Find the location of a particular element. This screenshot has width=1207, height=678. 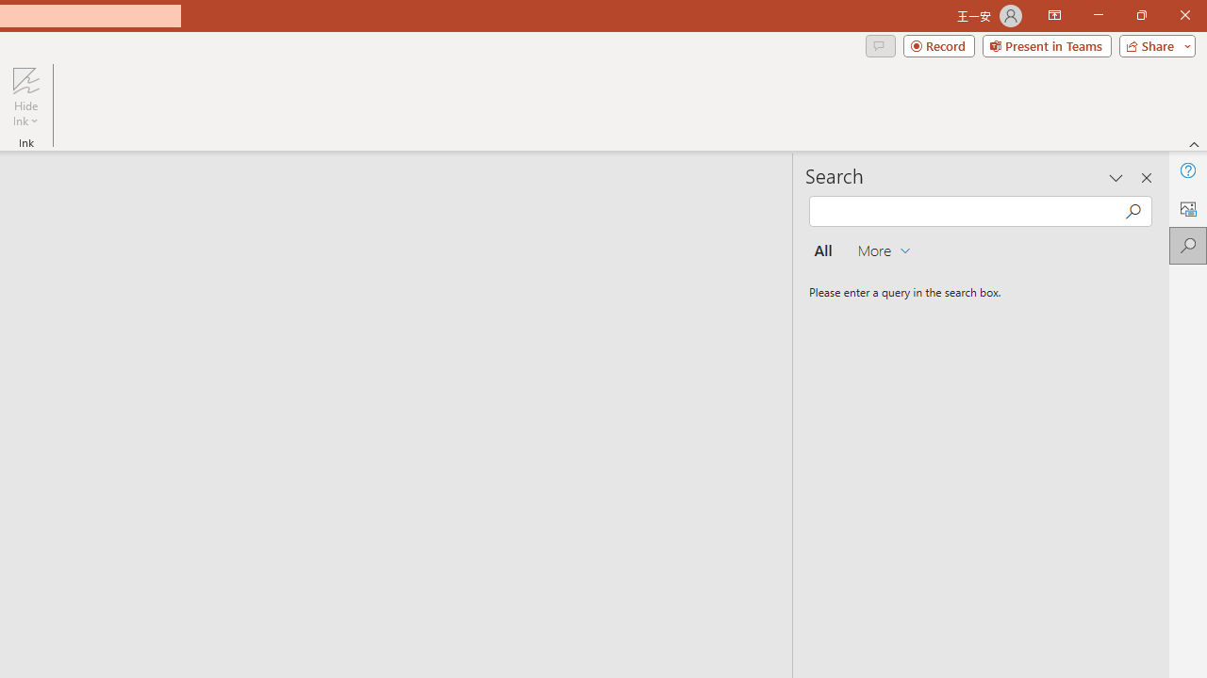

'Hide Ink' is located at coordinates (25, 79).